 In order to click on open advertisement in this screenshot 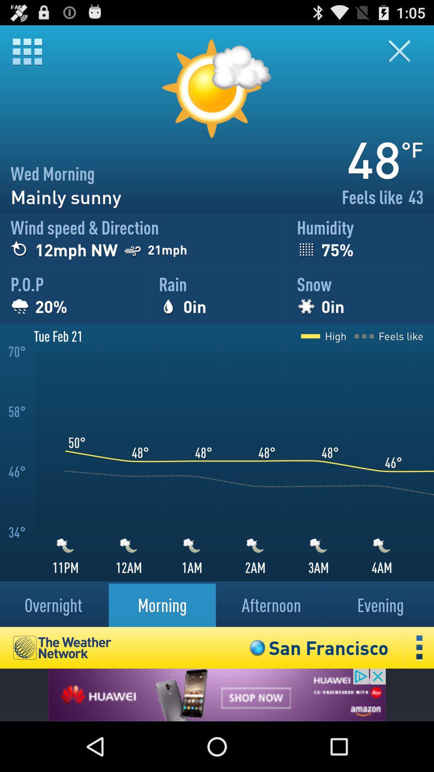, I will do `click(217, 694)`.